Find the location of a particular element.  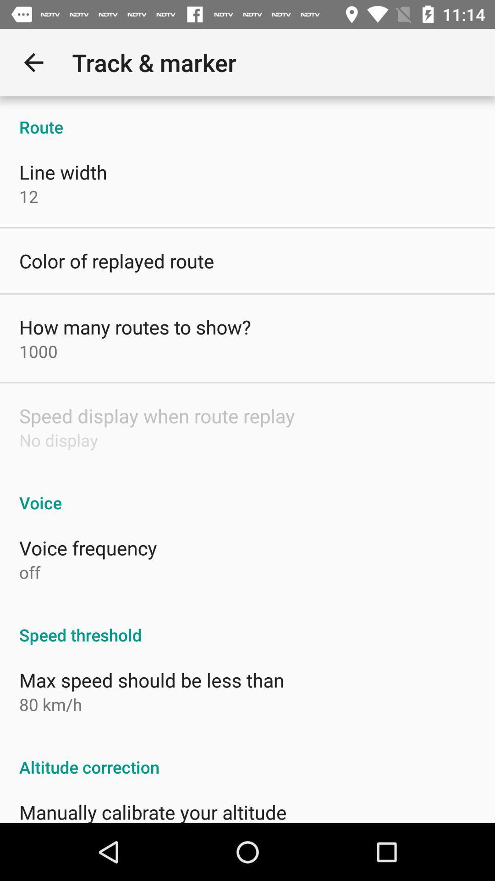

the icon above the manually calibrate your is located at coordinates (247, 757).